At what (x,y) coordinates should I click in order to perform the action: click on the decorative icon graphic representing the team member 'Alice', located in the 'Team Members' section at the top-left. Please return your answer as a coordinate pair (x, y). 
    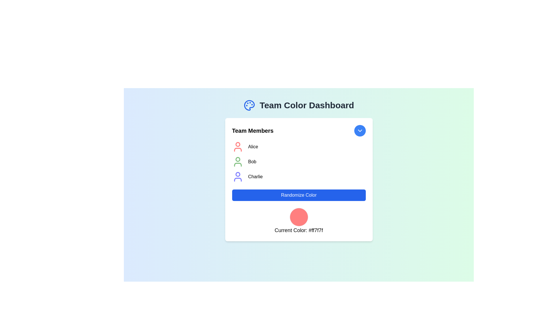
    Looking at the image, I should click on (238, 149).